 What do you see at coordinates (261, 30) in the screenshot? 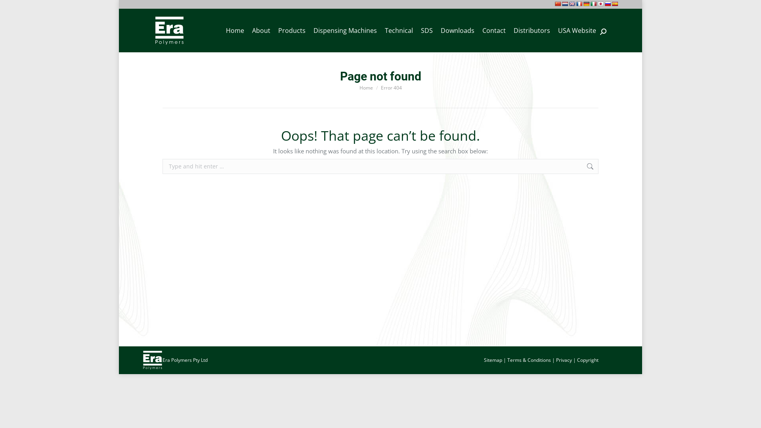
I see `'About'` at bounding box center [261, 30].